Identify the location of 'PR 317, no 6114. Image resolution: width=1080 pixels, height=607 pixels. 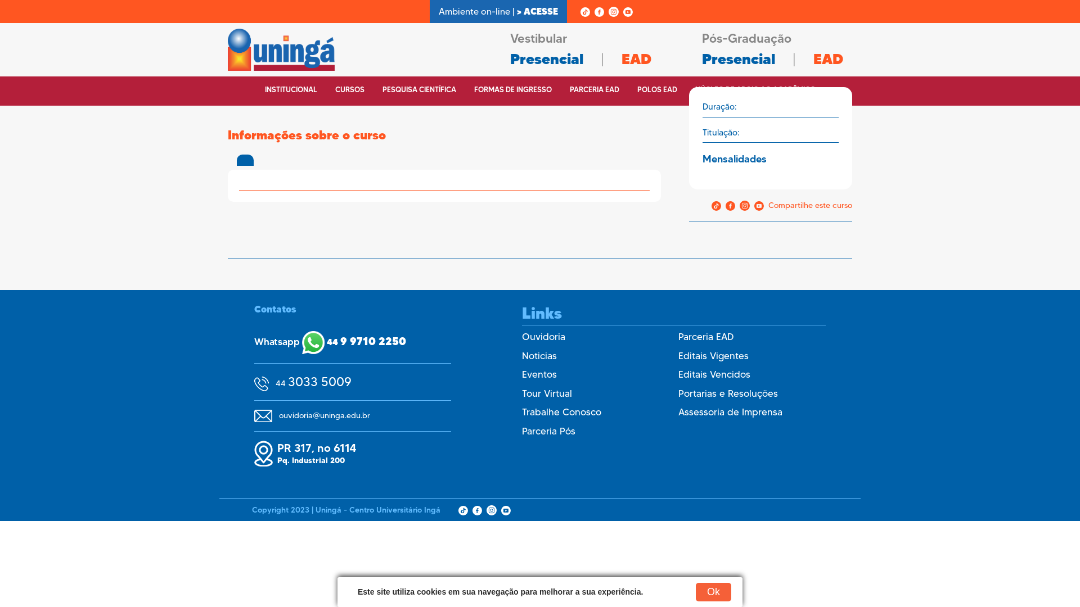
(352, 452).